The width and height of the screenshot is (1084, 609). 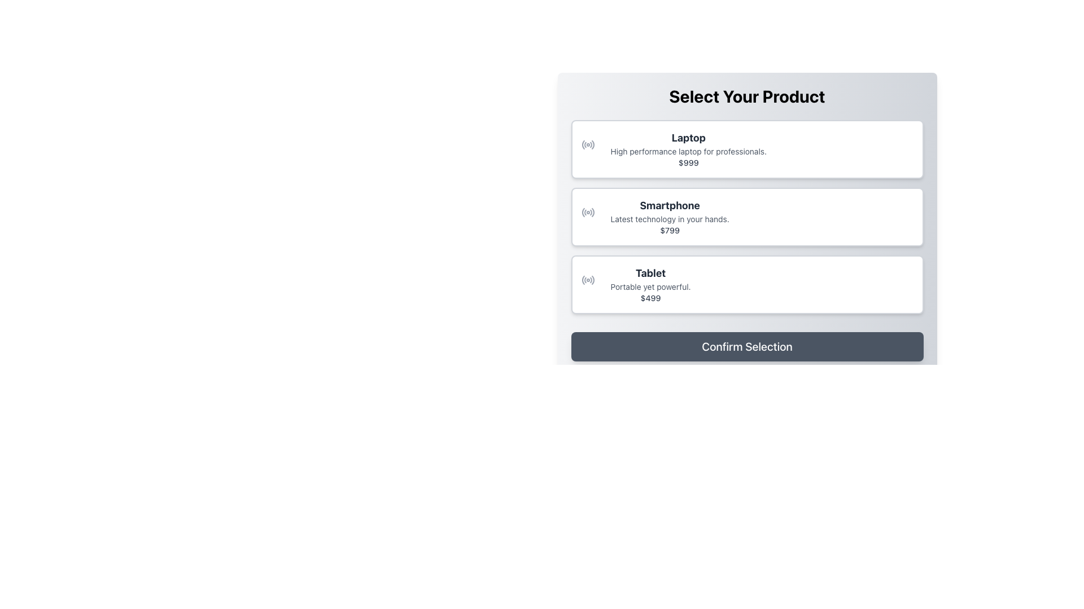 I want to click on the icon representing connectivity or selection in the upper-left corner of the 'Laptop' product card, so click(x=592, y=149).